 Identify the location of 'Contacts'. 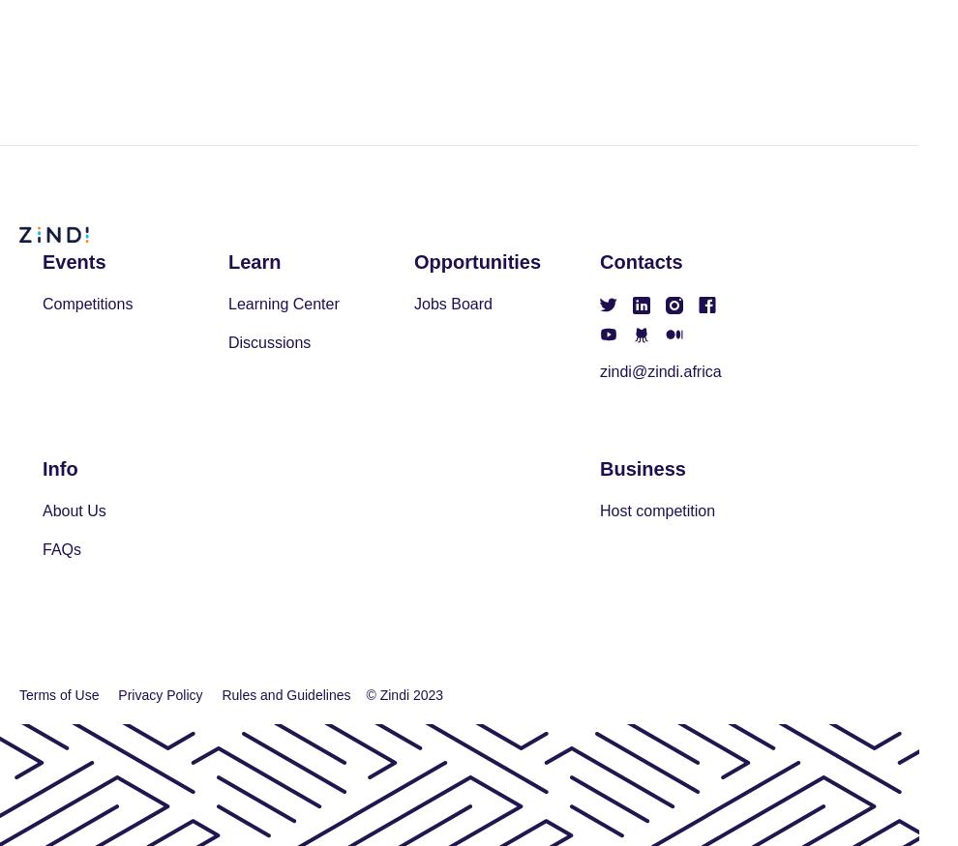
(599, 260).